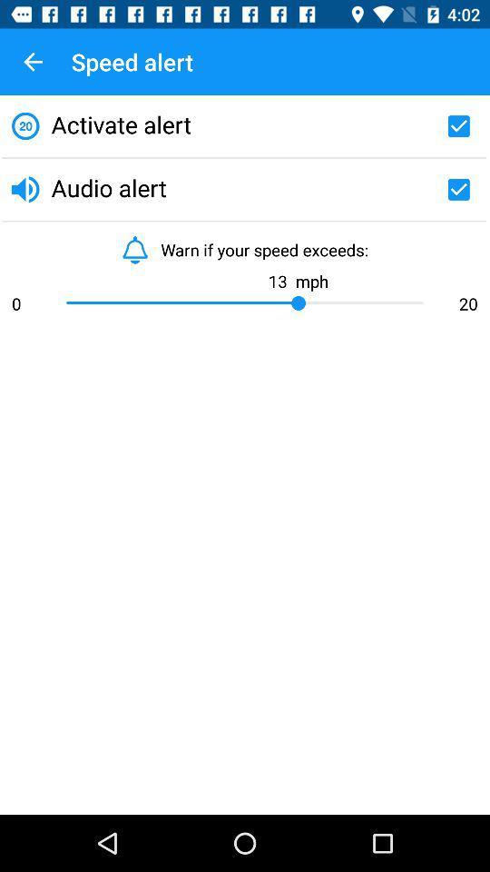  What do you see at coordinates (457, 125) in the screenshot?
I see `check activate alert option` at bounding box center [457, 125].